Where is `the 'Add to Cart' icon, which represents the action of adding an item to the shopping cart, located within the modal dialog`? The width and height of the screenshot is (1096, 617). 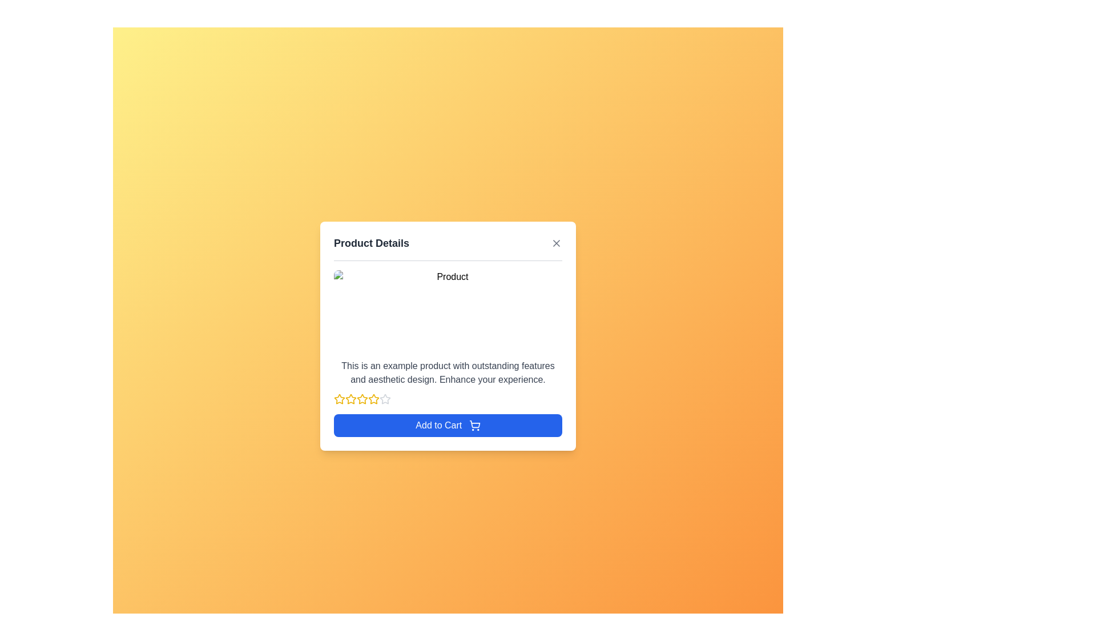
the 'Add to Cart' icon, which represents the action of adding an item to the shopping cart, located within the modal dialog is located at coordinates (474, 424).